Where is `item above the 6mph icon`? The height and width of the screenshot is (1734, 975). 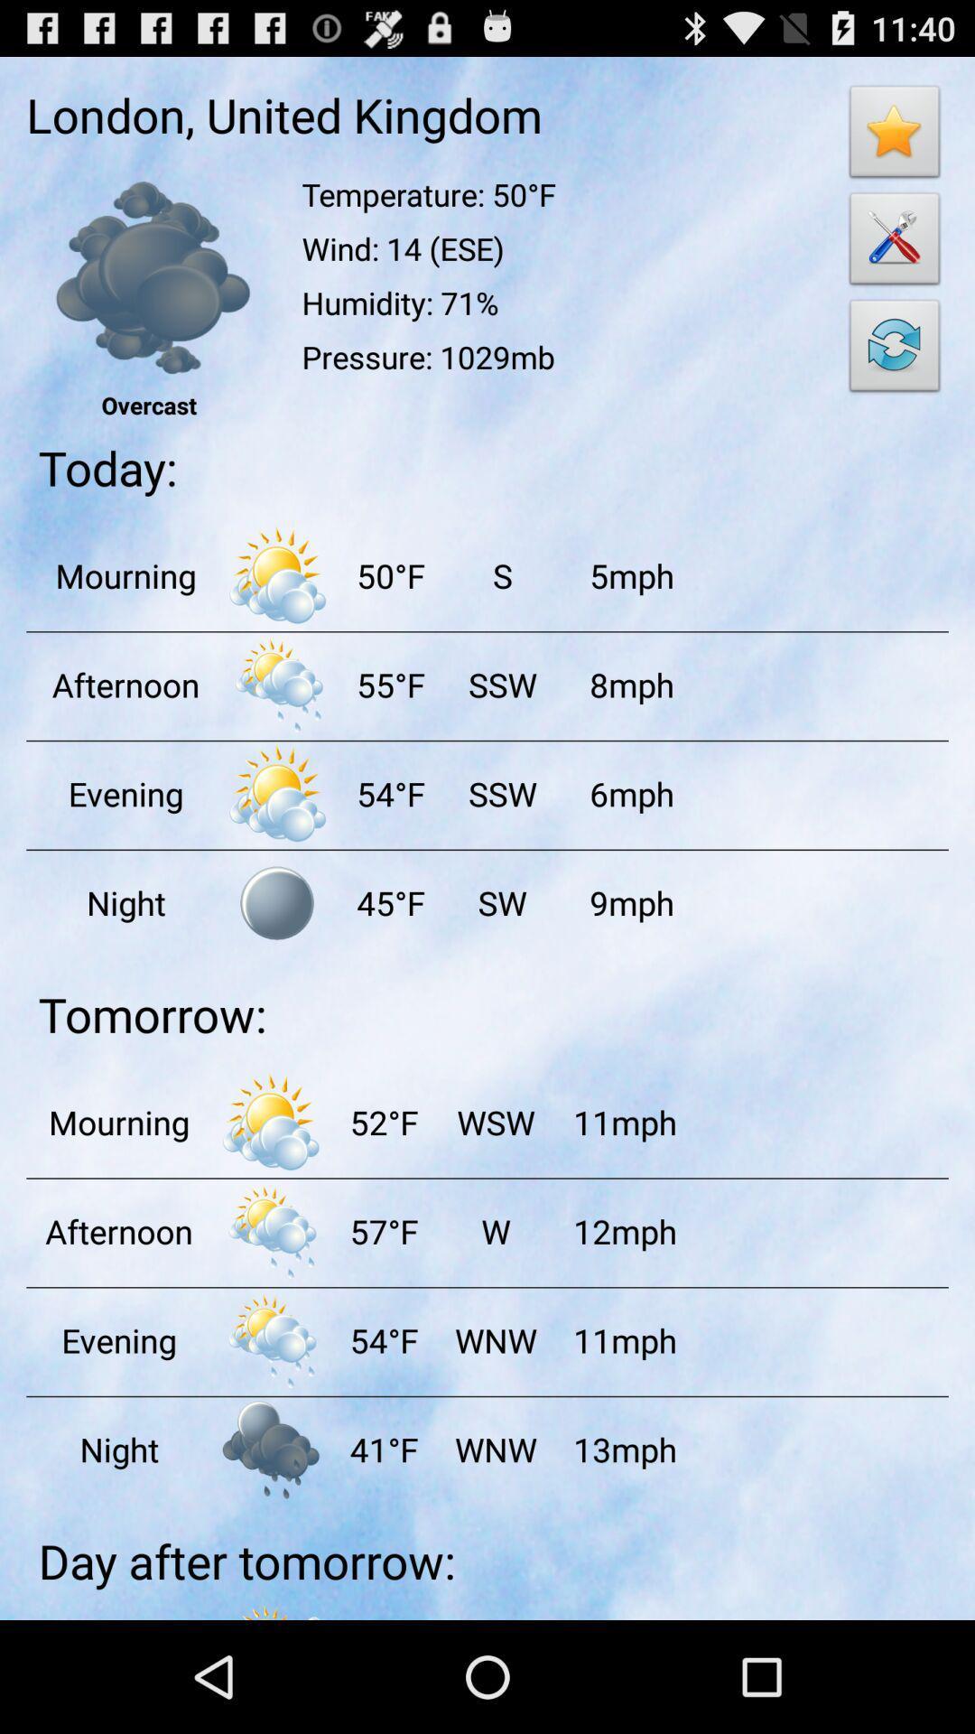
item above the 6mph icon is located at coordinates (630, 684).